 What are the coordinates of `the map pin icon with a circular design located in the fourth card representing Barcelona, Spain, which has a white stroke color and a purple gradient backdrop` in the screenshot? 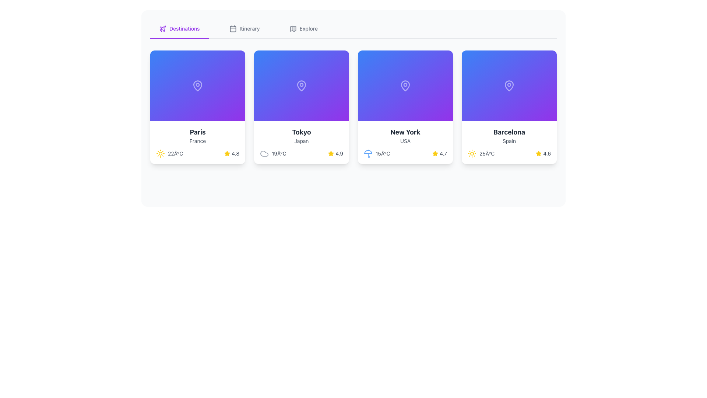 It's located at (509, 85).